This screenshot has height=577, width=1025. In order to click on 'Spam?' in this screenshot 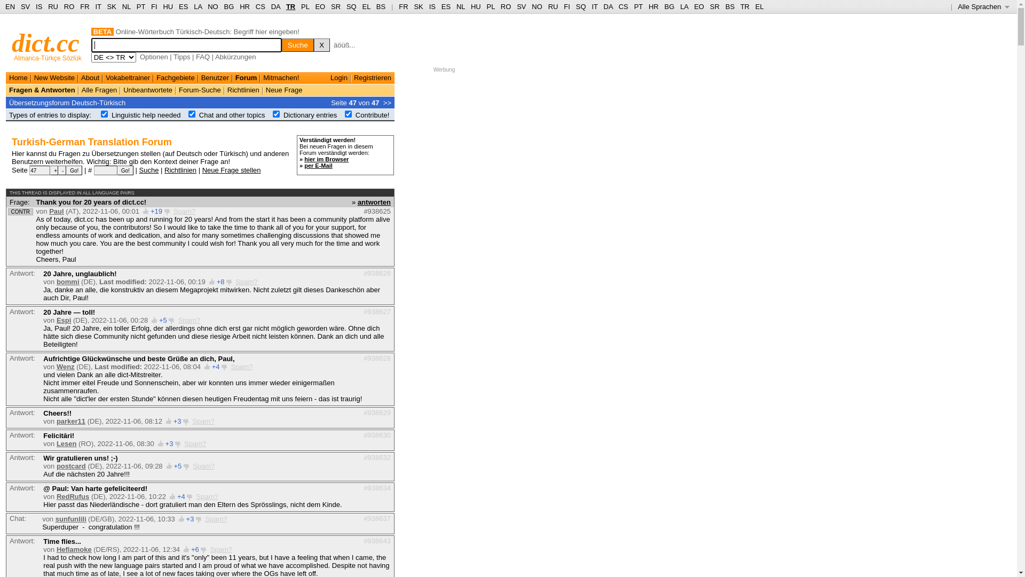, I will do `click(207, 496)`.